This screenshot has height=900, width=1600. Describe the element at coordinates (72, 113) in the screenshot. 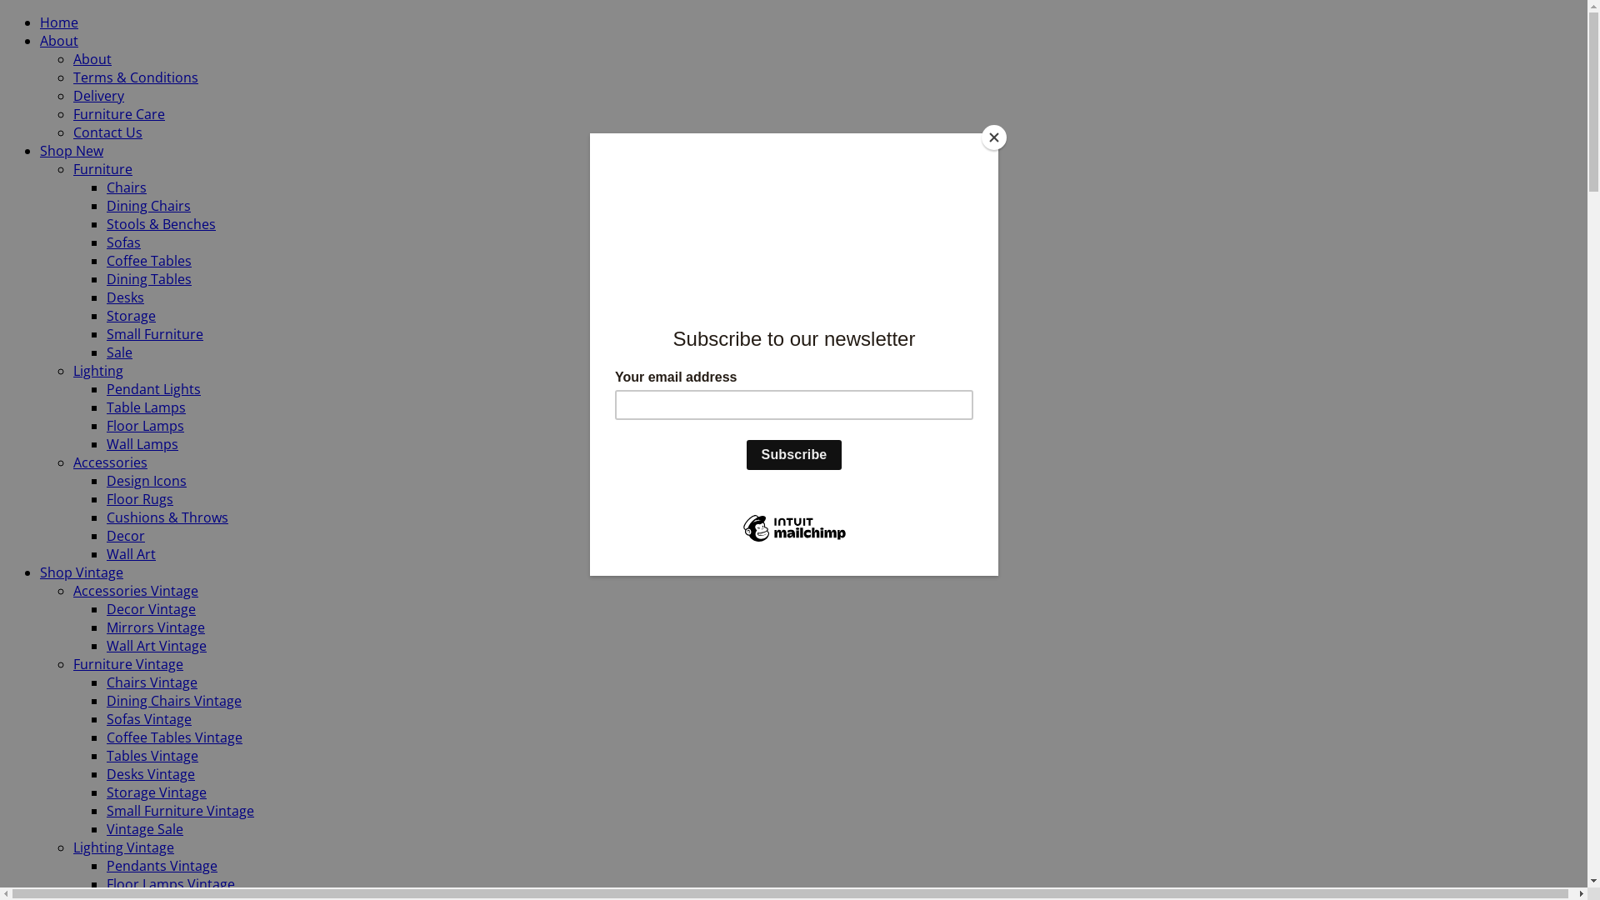

I see `'Furniture Care'` at that location.